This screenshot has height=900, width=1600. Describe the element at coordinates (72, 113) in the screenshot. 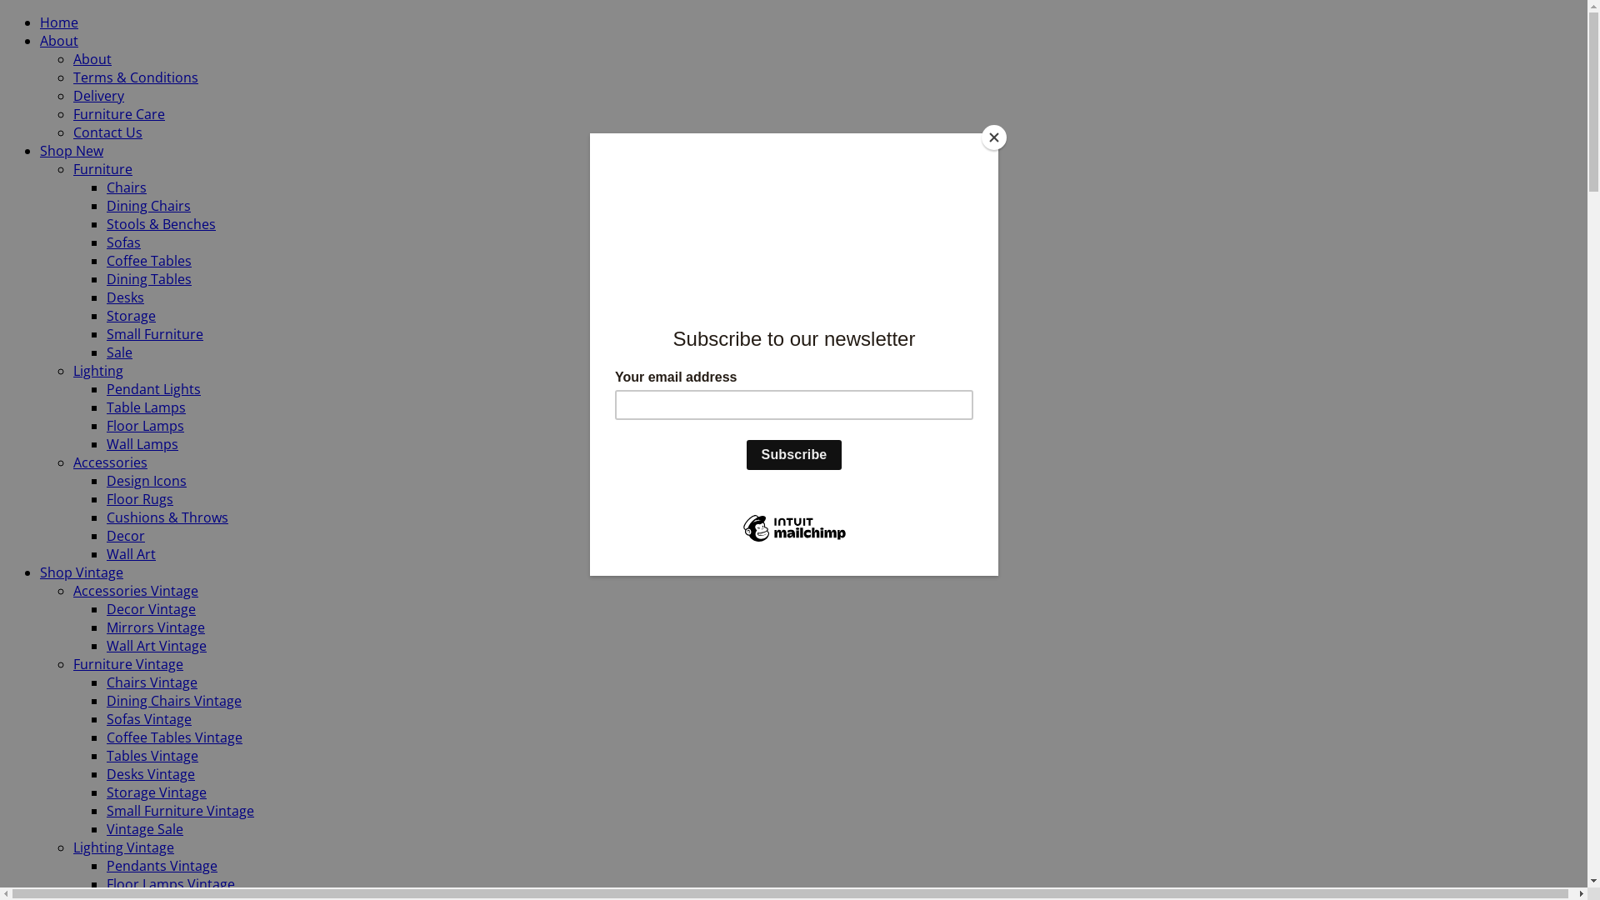

I see `'Furniture Care'` at that location.